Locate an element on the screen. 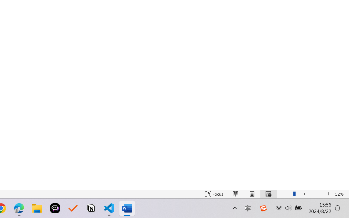 This screenshot has height=218, width=349. 'Read Mode' is located at coordinates (236, 194).